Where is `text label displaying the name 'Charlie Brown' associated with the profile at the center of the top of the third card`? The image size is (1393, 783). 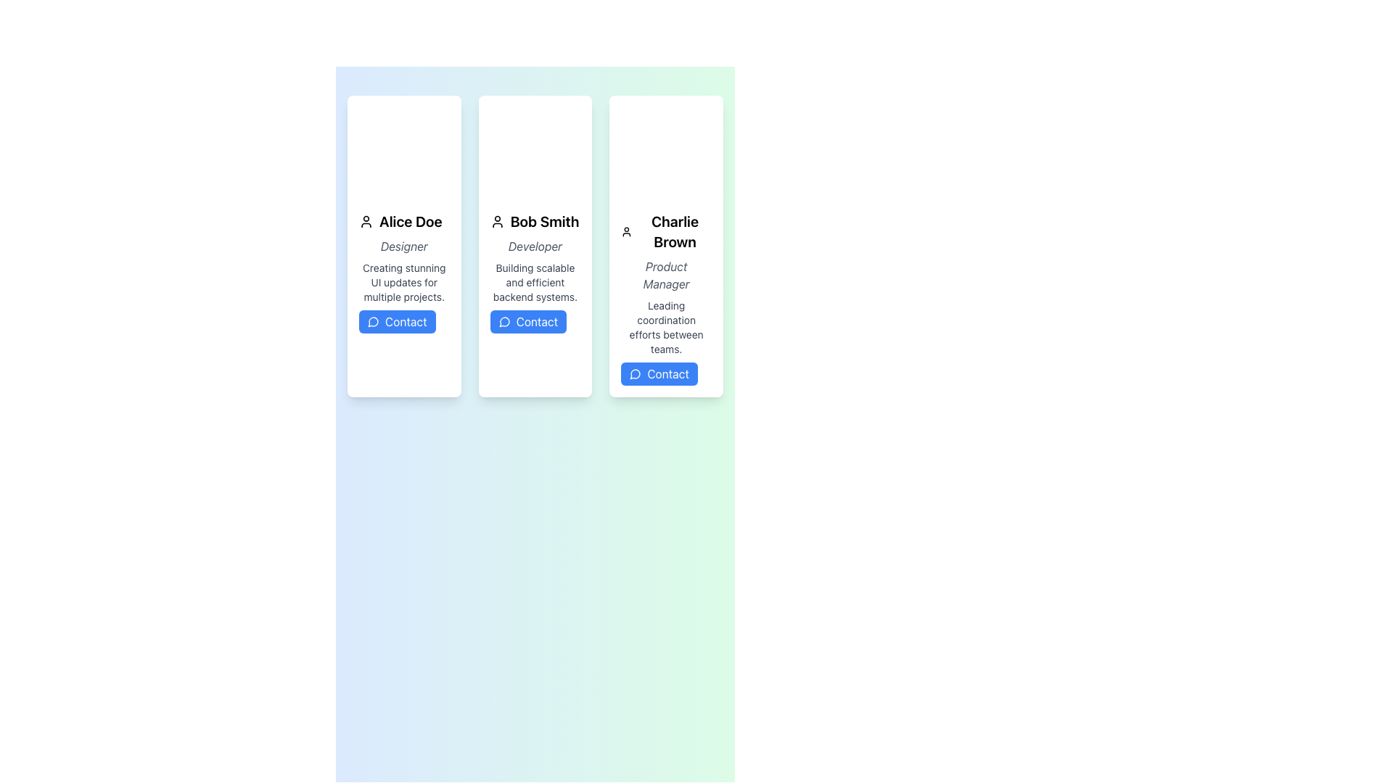 text label displaying the name 'Charlie Brown' associated with the profile at the center of the top of the third card is located at coordinates (665, 231).